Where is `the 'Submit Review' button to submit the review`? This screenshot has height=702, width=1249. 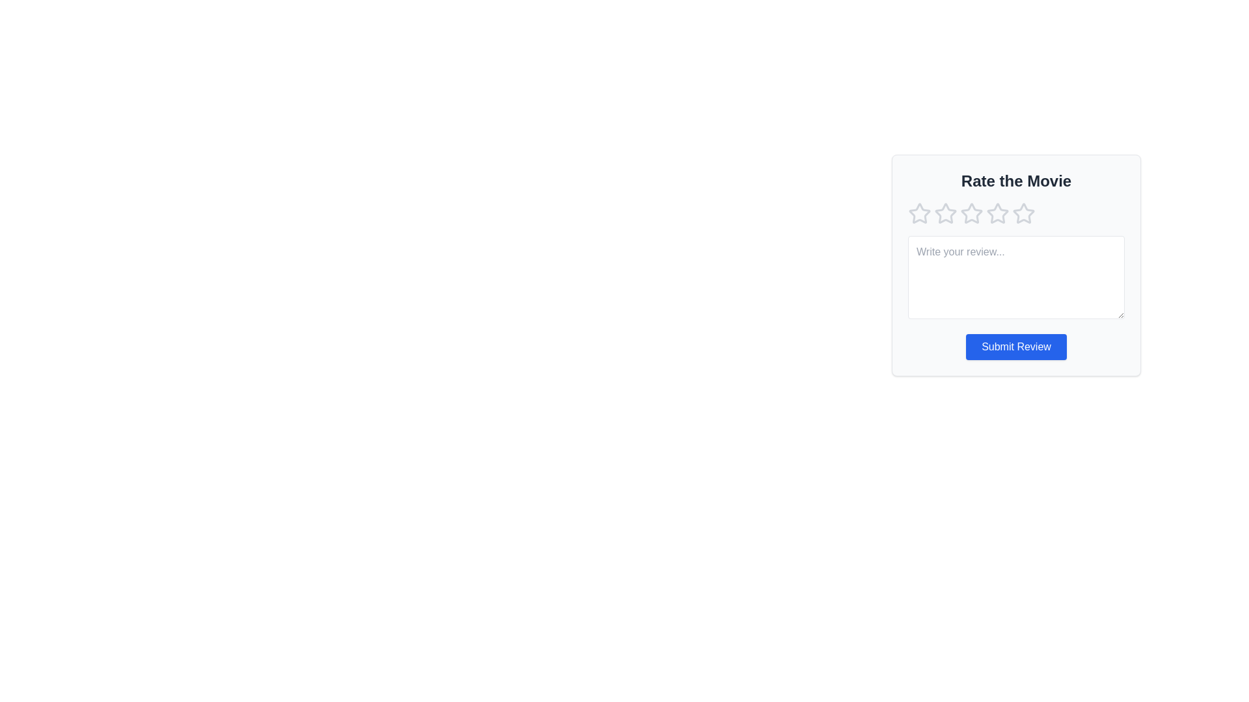 the 'Submit Review' button to submit the review is located at coordinates (1015, 346).